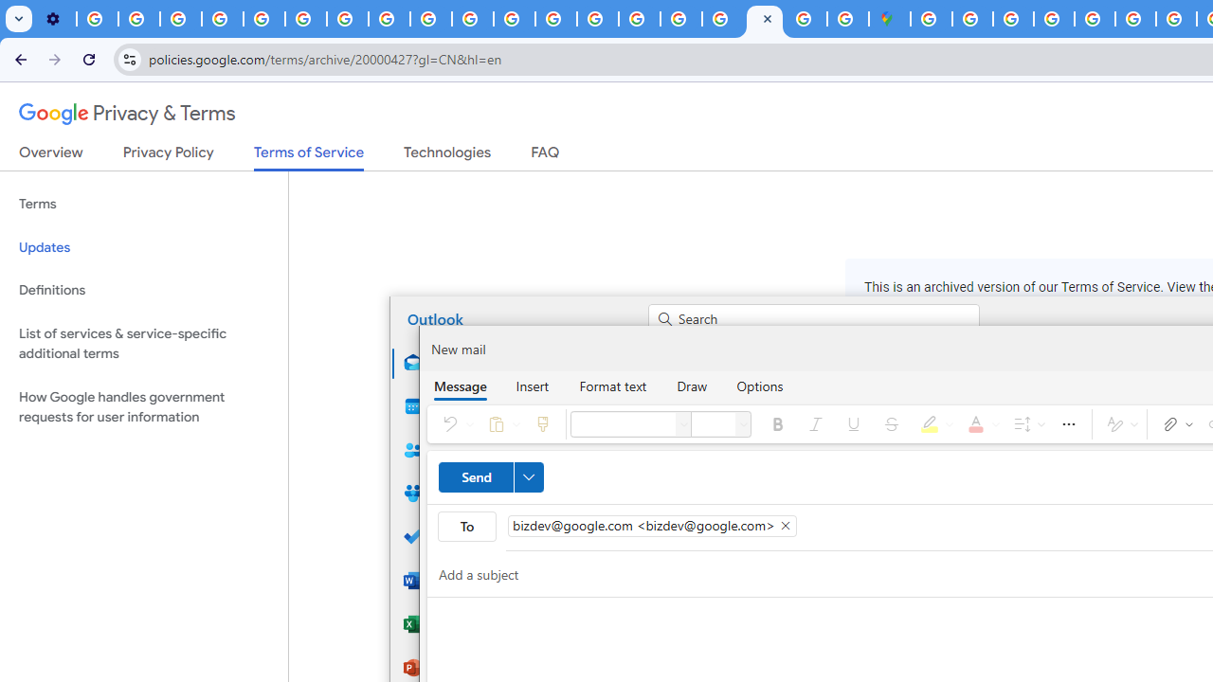 This screenshot has height=682, width=1213. Describe the element at coordinates (933, 422) in the screenshot. I see `'Text highlight color'` at that location.